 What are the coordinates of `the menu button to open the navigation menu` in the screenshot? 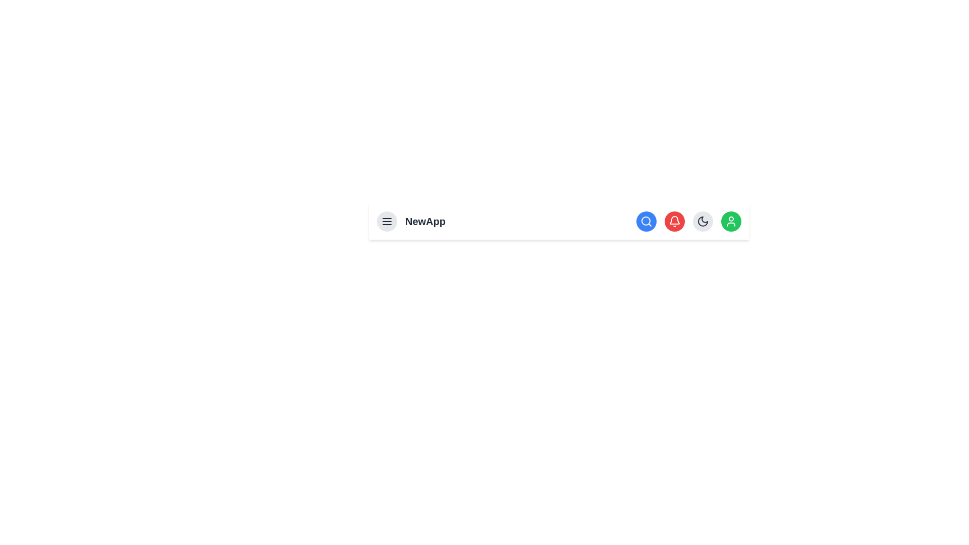 It's located at (387, 221).